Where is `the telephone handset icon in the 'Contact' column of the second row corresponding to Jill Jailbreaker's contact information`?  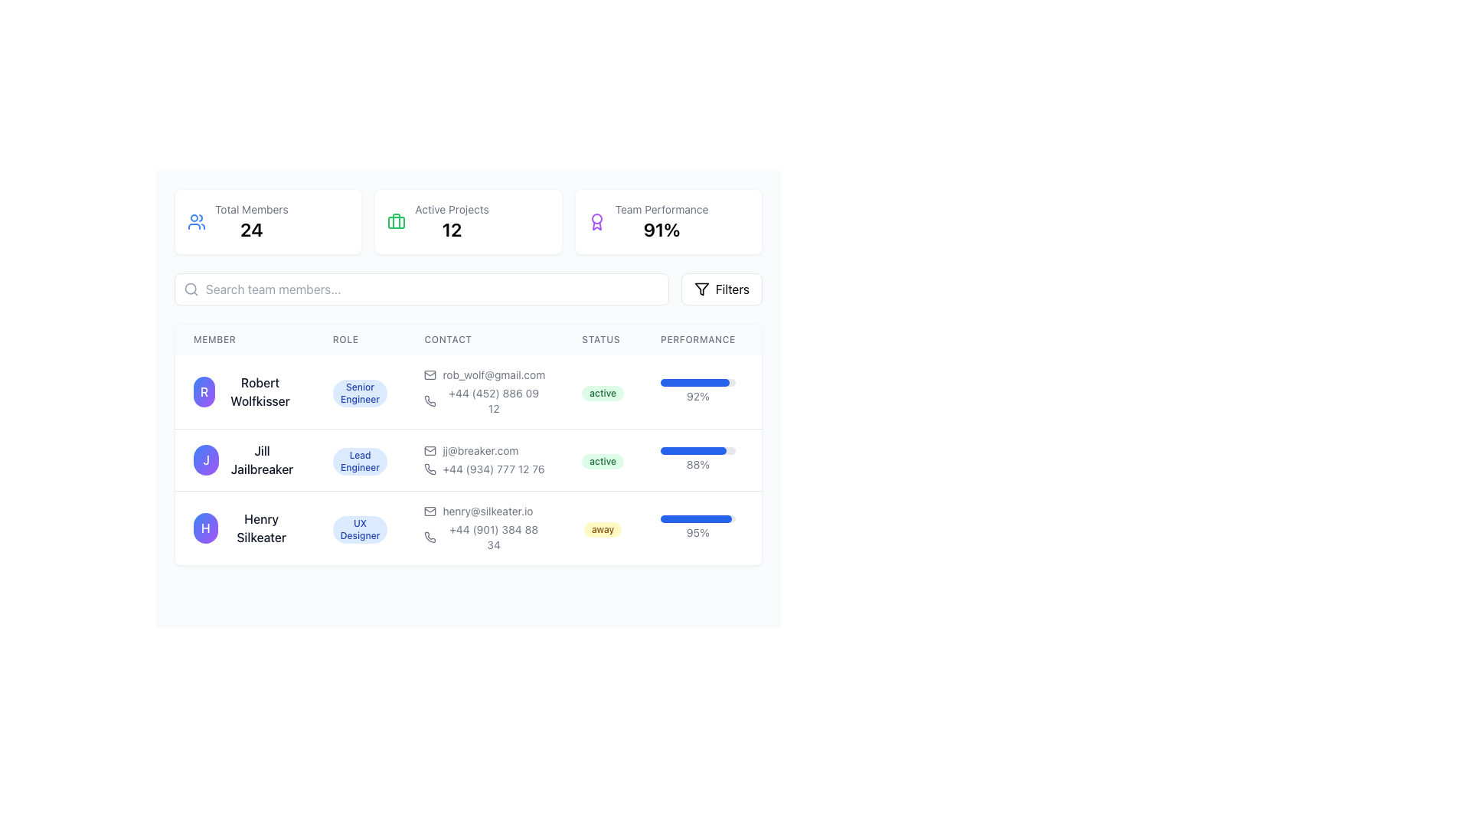
the telephone handset icon in the 'Contact' column of the second row corresponding to Jill Jailbreaker's contact information is located at coordinates (430, 469).